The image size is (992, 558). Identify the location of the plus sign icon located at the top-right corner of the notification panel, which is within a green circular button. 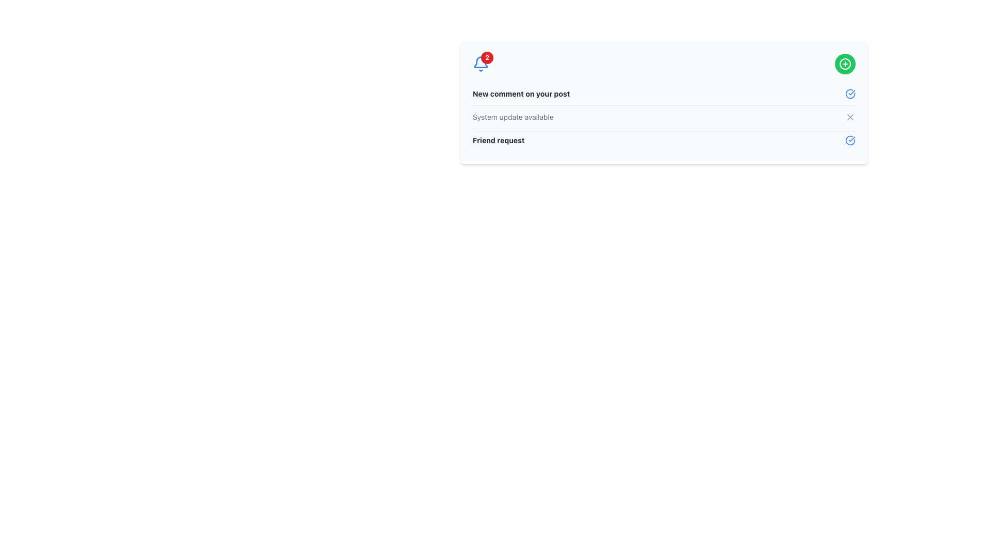
(845, 64).